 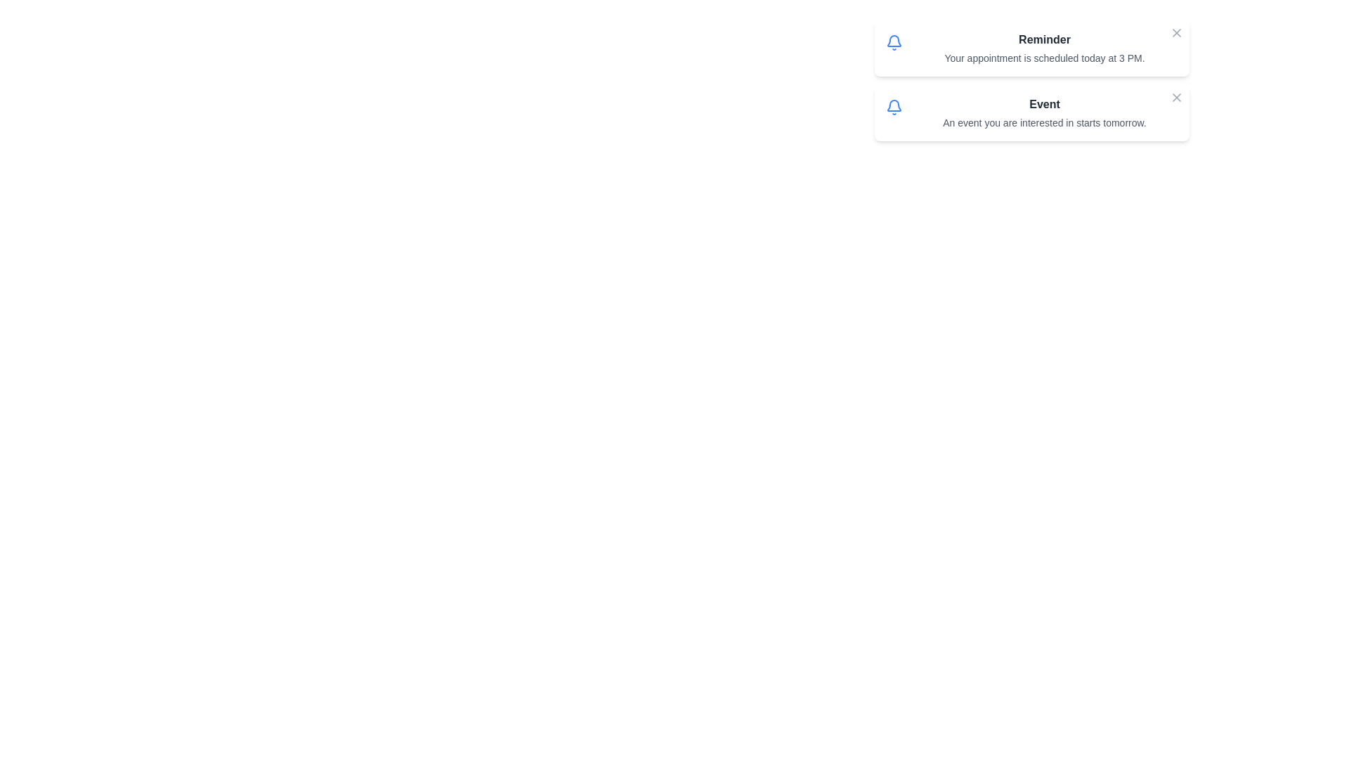 What do you see at coordinates (893, 40) in the screenshot?
I see `the upper portion of the bell icon within the 'Reminder' card, which is located to the left of the text content indicating 'Your appointment is scheduled today at 3 PM.'` at bounding box center [893, 40].